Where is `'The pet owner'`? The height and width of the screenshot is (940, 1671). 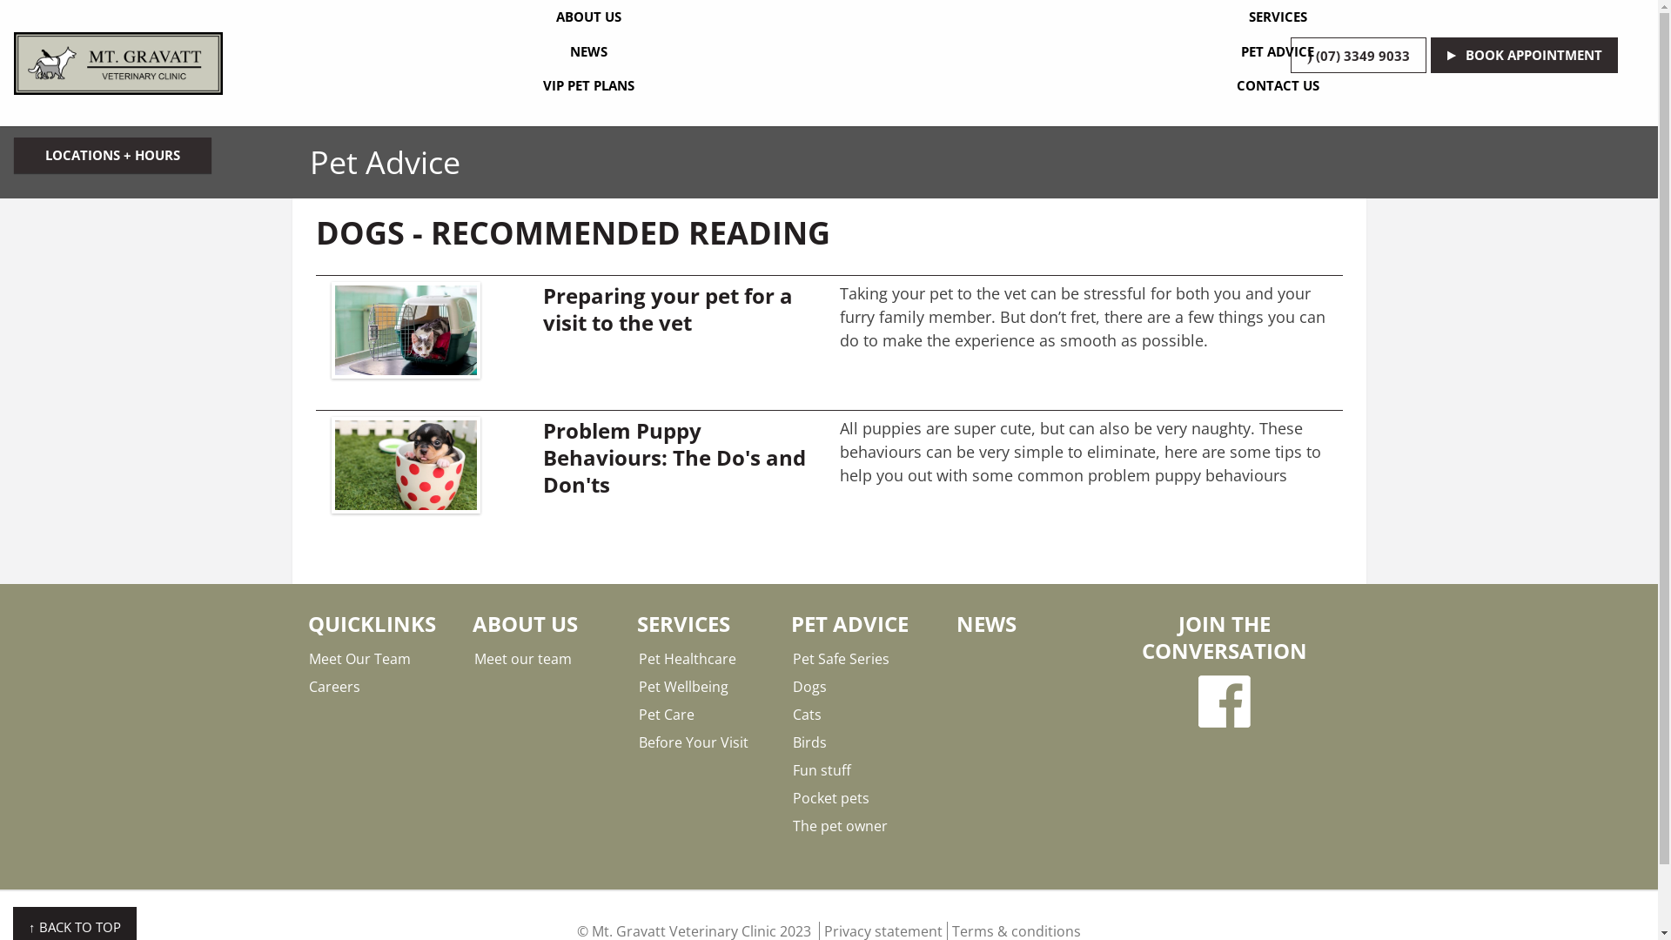 'The pet owner' is located at coordinates (792, 824).